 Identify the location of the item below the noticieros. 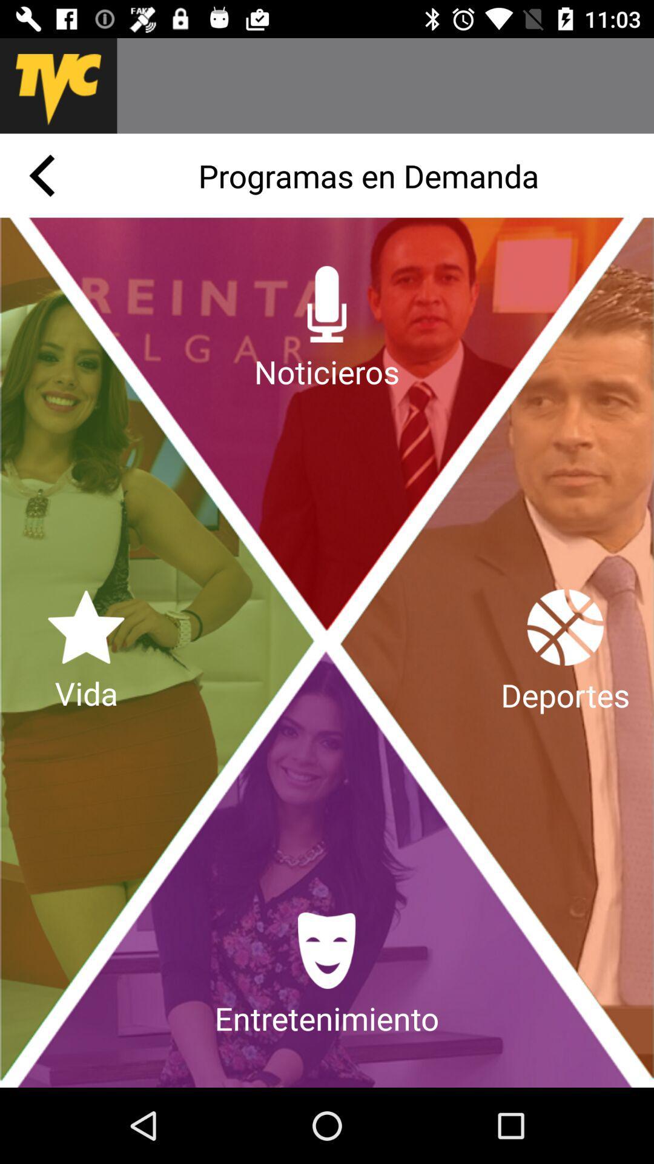
(327, 975).